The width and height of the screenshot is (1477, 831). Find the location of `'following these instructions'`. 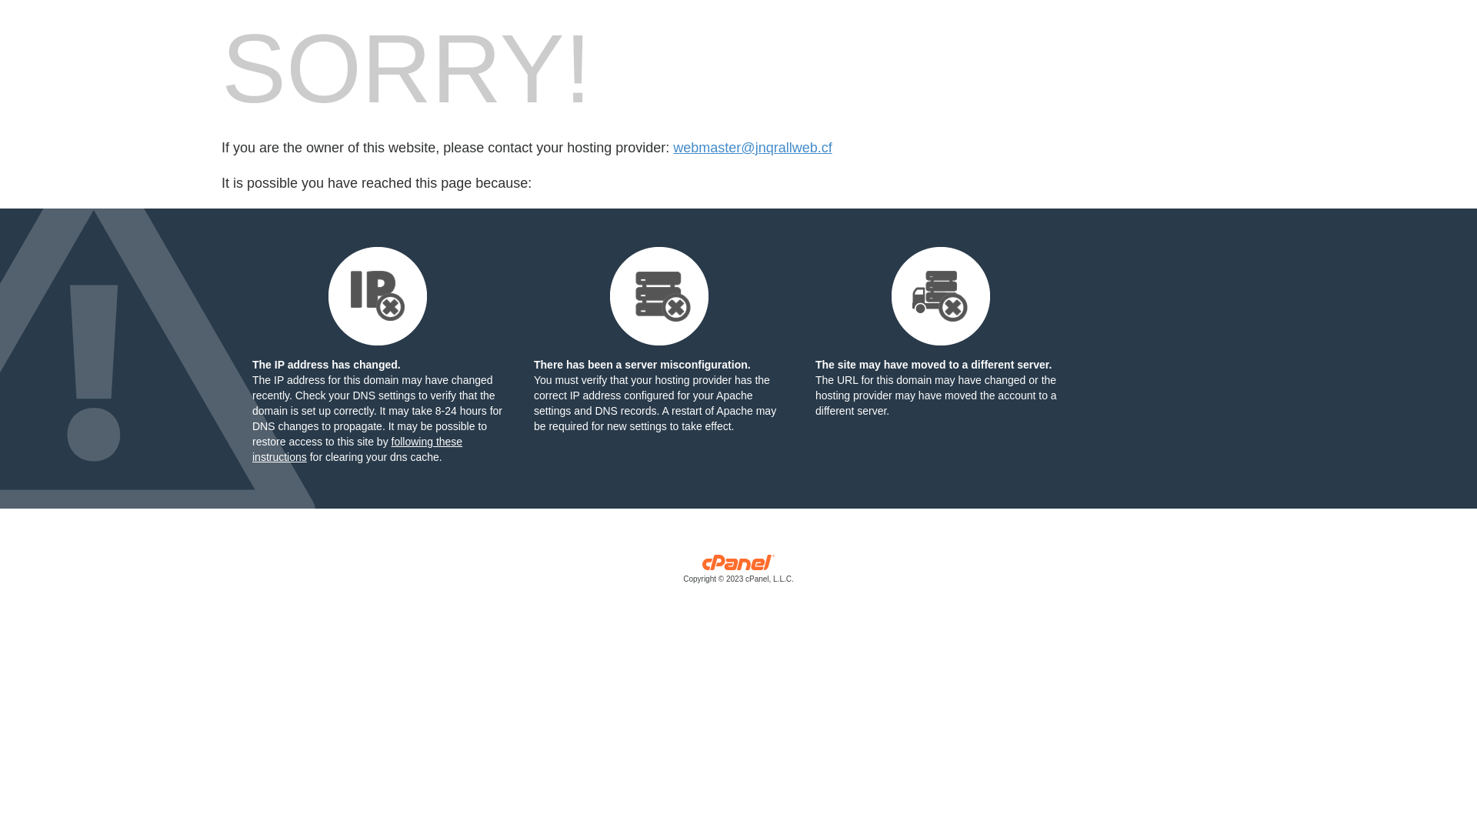

'following these instructions' is located at coordinates (356, 449).